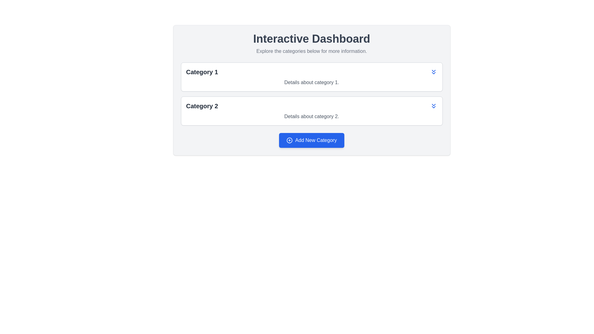 The image size is (594, 334). What do you see at coordinates (312, 140) in the screenshot?
I see `the 'Add Category' button located in the bottom section of the 'Interactive Dashboard', directly below 'Category 1' and 'Category 2', to observe a visual response` at bounding box center [312, 140].